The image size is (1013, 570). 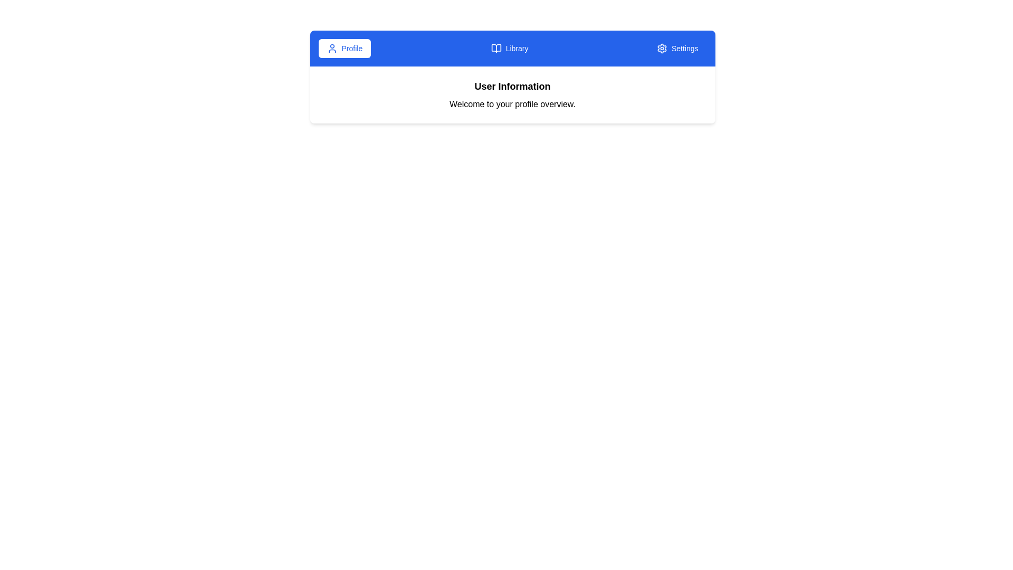 I want to click on the 'User Information' text header element, which displays 'User Information' in bold and 'Welcome to your profile overview.' below it, centered within a white box below the blue navigation bar, so click(x=512, y=95).